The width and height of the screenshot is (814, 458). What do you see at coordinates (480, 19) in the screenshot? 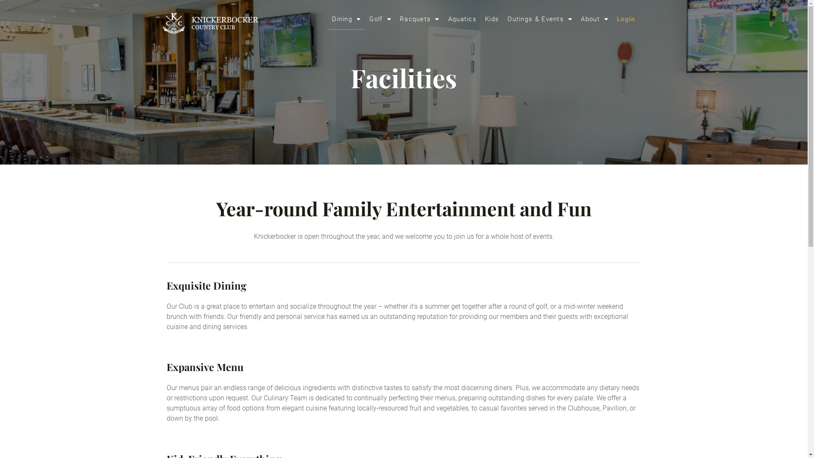
I see `'Kids'` at bounding box center [480, 19].